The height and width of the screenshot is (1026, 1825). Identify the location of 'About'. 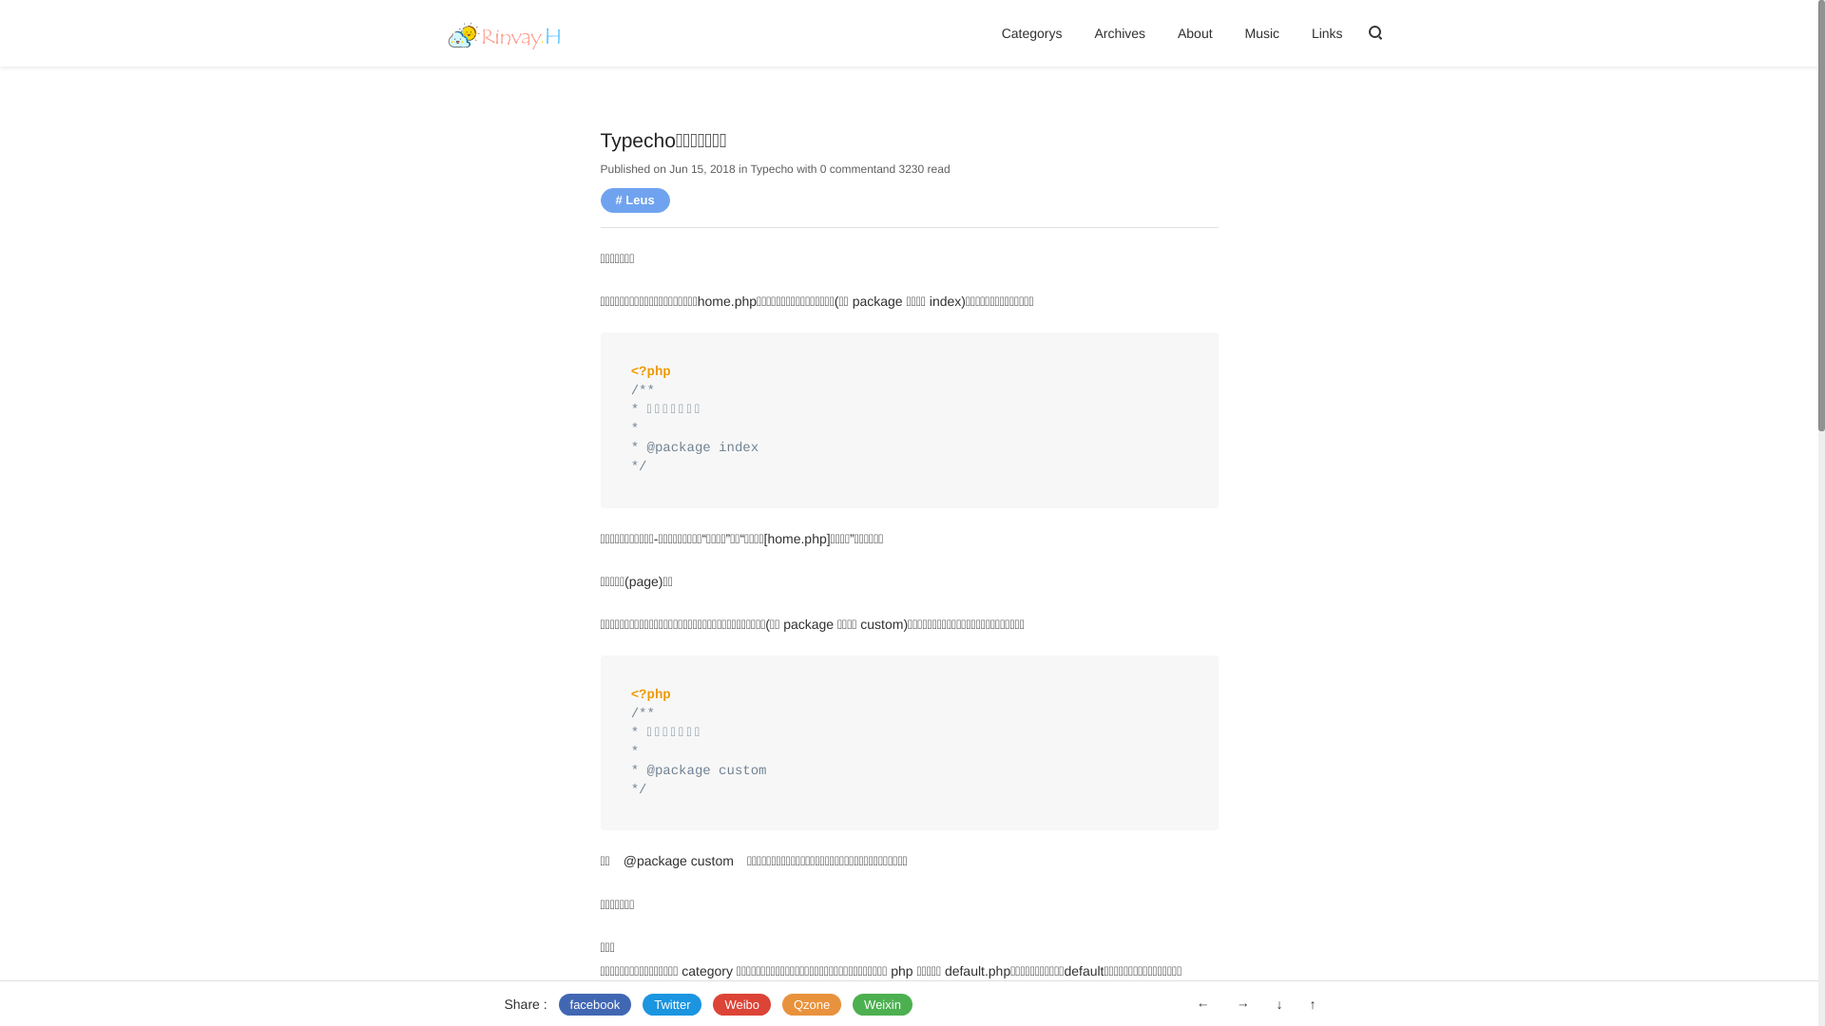
(1194, 32).